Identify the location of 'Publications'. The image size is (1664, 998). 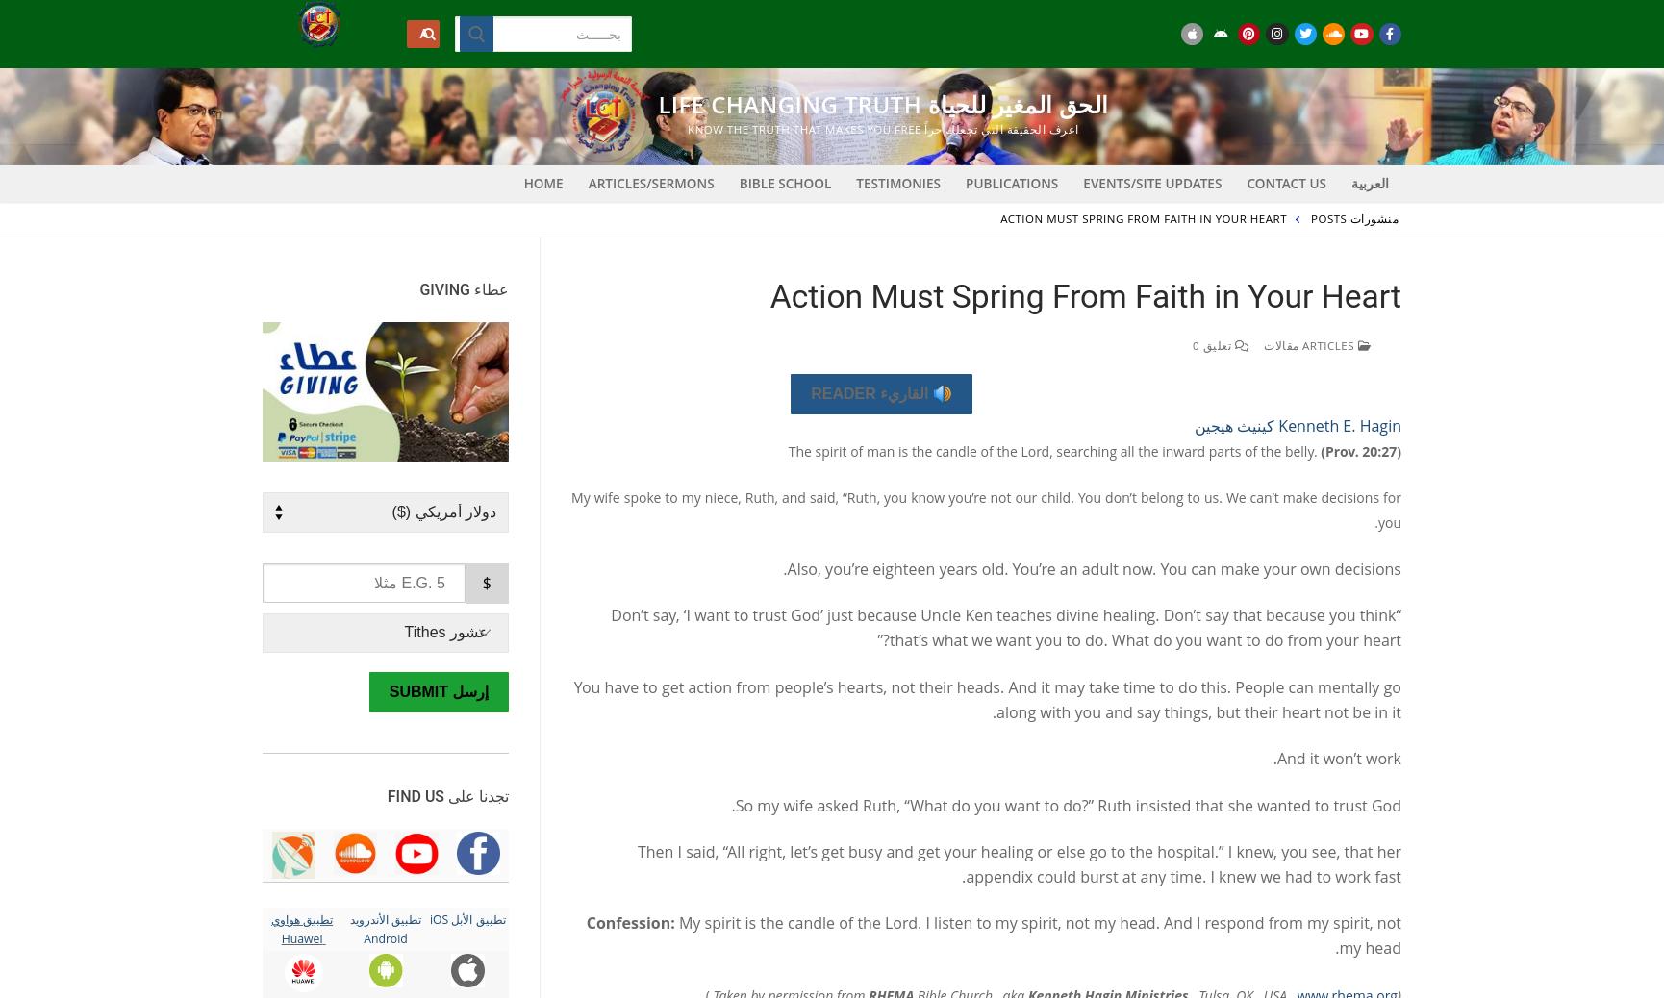
(965, 182).